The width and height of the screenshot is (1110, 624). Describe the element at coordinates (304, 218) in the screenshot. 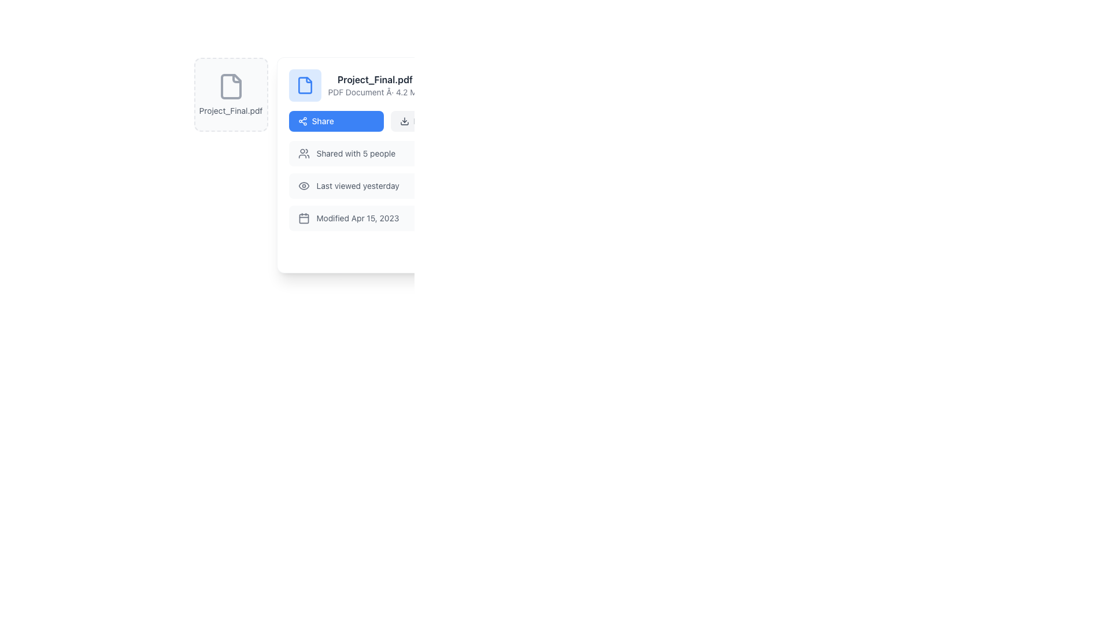

I see `the calendar icon, which is styled with an outlined graphic and positioned to the left of the 'Modified Apr 15, 2023' text, to possibly reveal tooltips` at that location.